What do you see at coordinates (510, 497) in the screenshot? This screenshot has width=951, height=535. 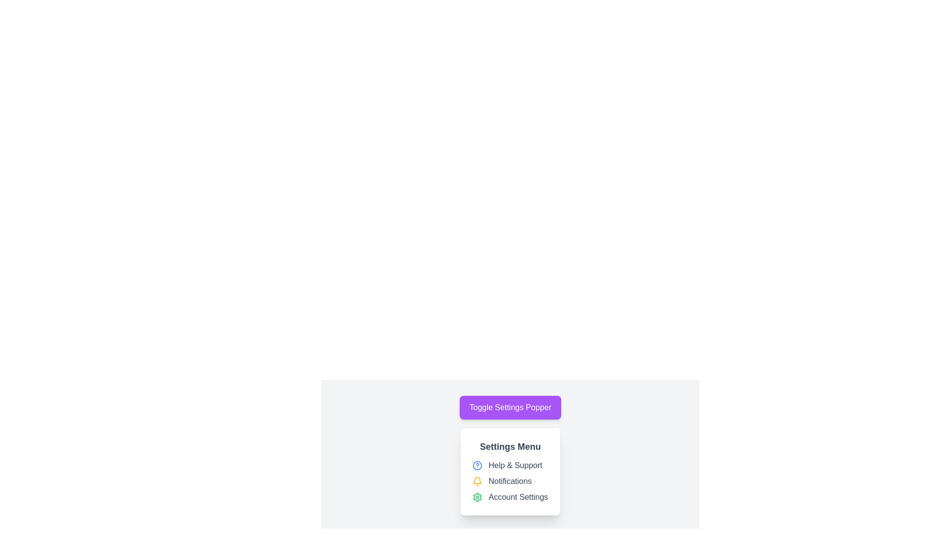 I see `the 'Account Settings' menu item in the settings dropdown` at bounding box center [510, 497].